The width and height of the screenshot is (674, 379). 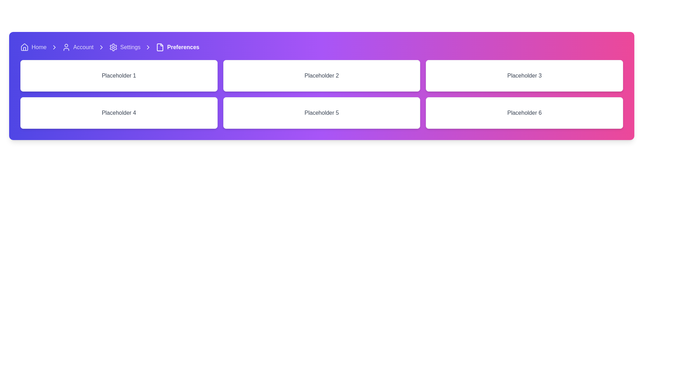 I want to click on the gear icon with a purple background in the navigation breadcrumb bar, so click(x=113, y=47).